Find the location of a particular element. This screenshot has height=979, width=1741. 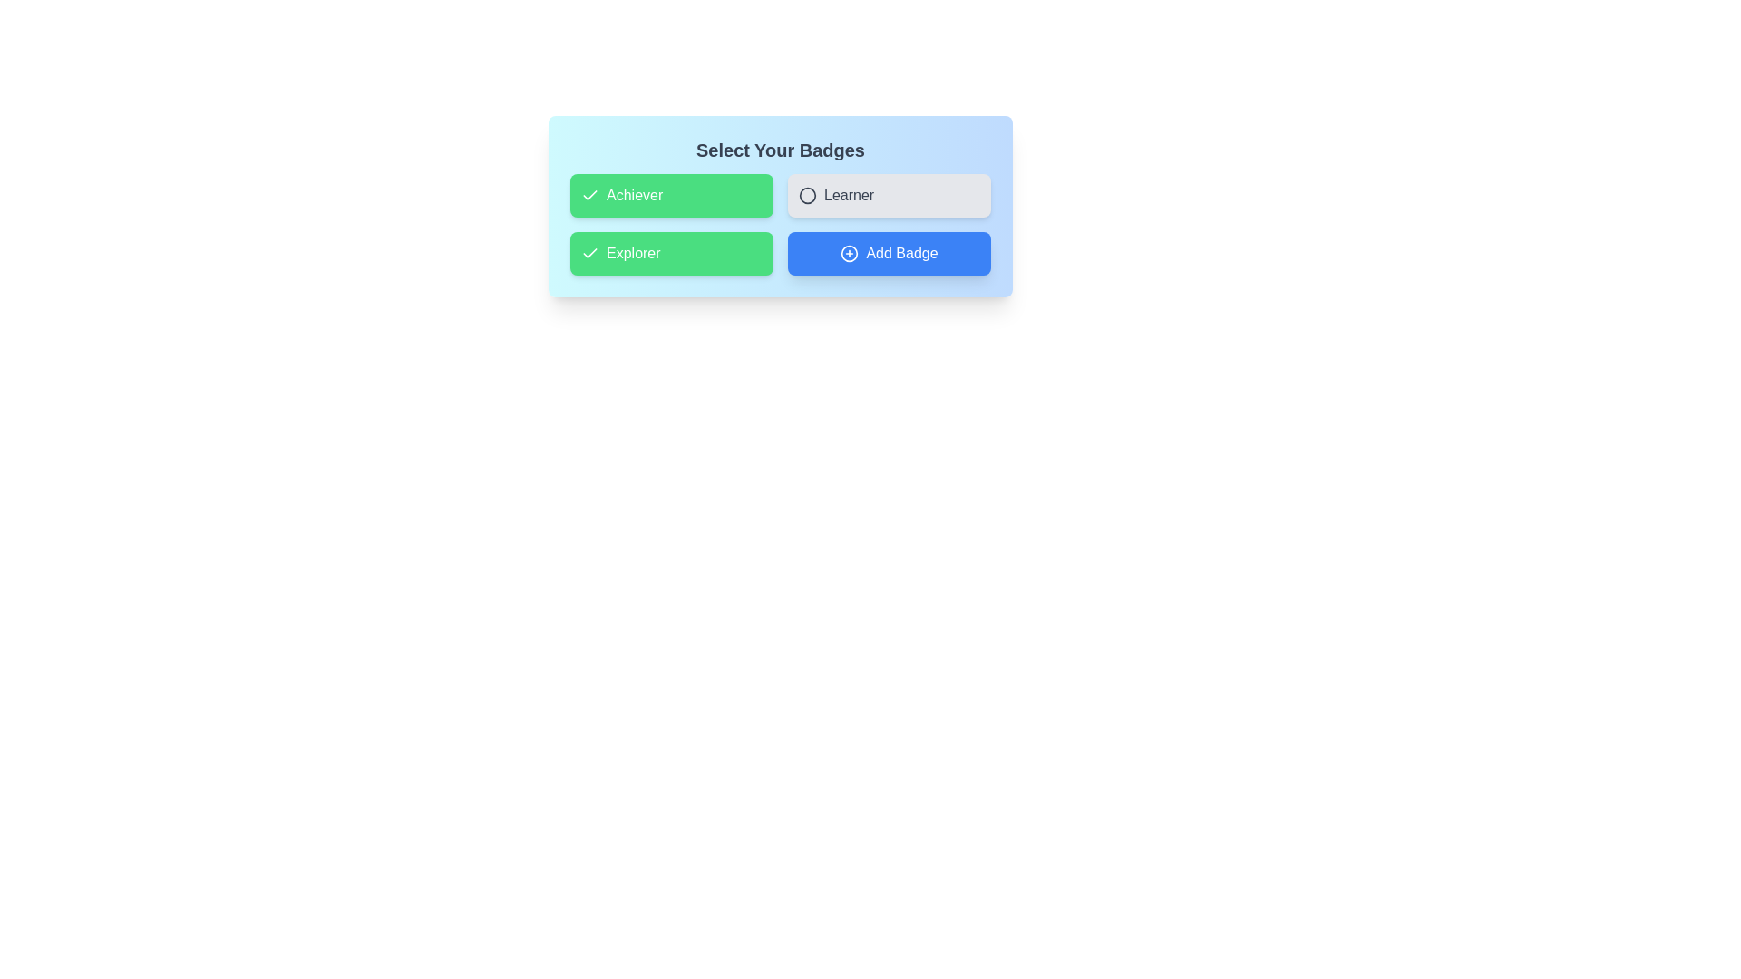

the badge Achiever to observe its animation effect is located at coordinates (670, 196).